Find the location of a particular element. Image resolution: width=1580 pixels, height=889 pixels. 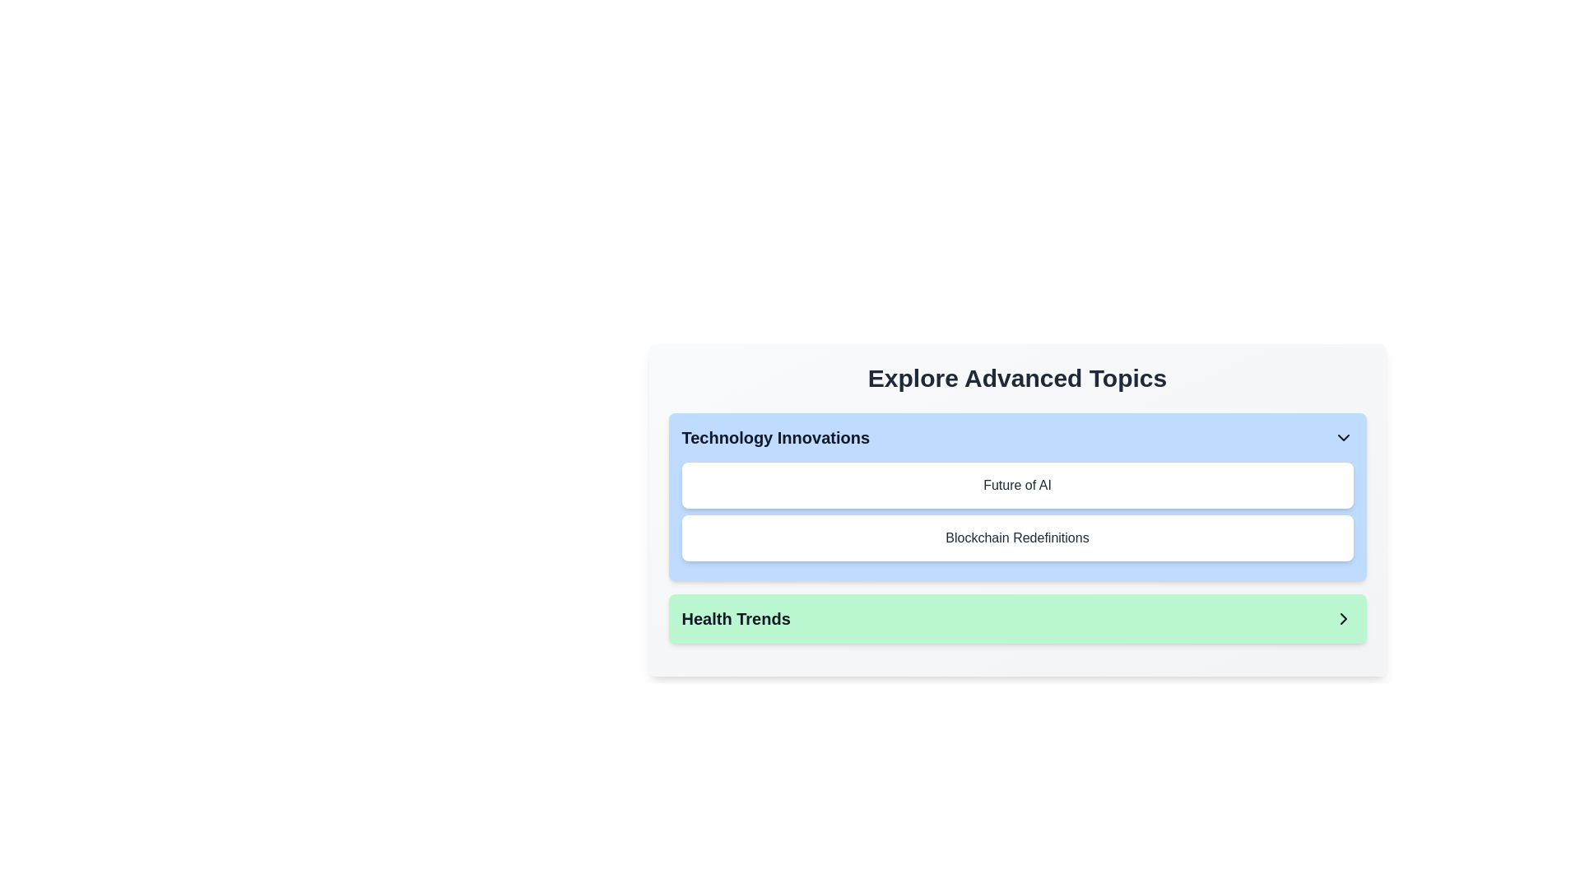

the chevron icon located near the right edge of the green section labeled 'Health Trends' is located at coordinates (1343, 619).